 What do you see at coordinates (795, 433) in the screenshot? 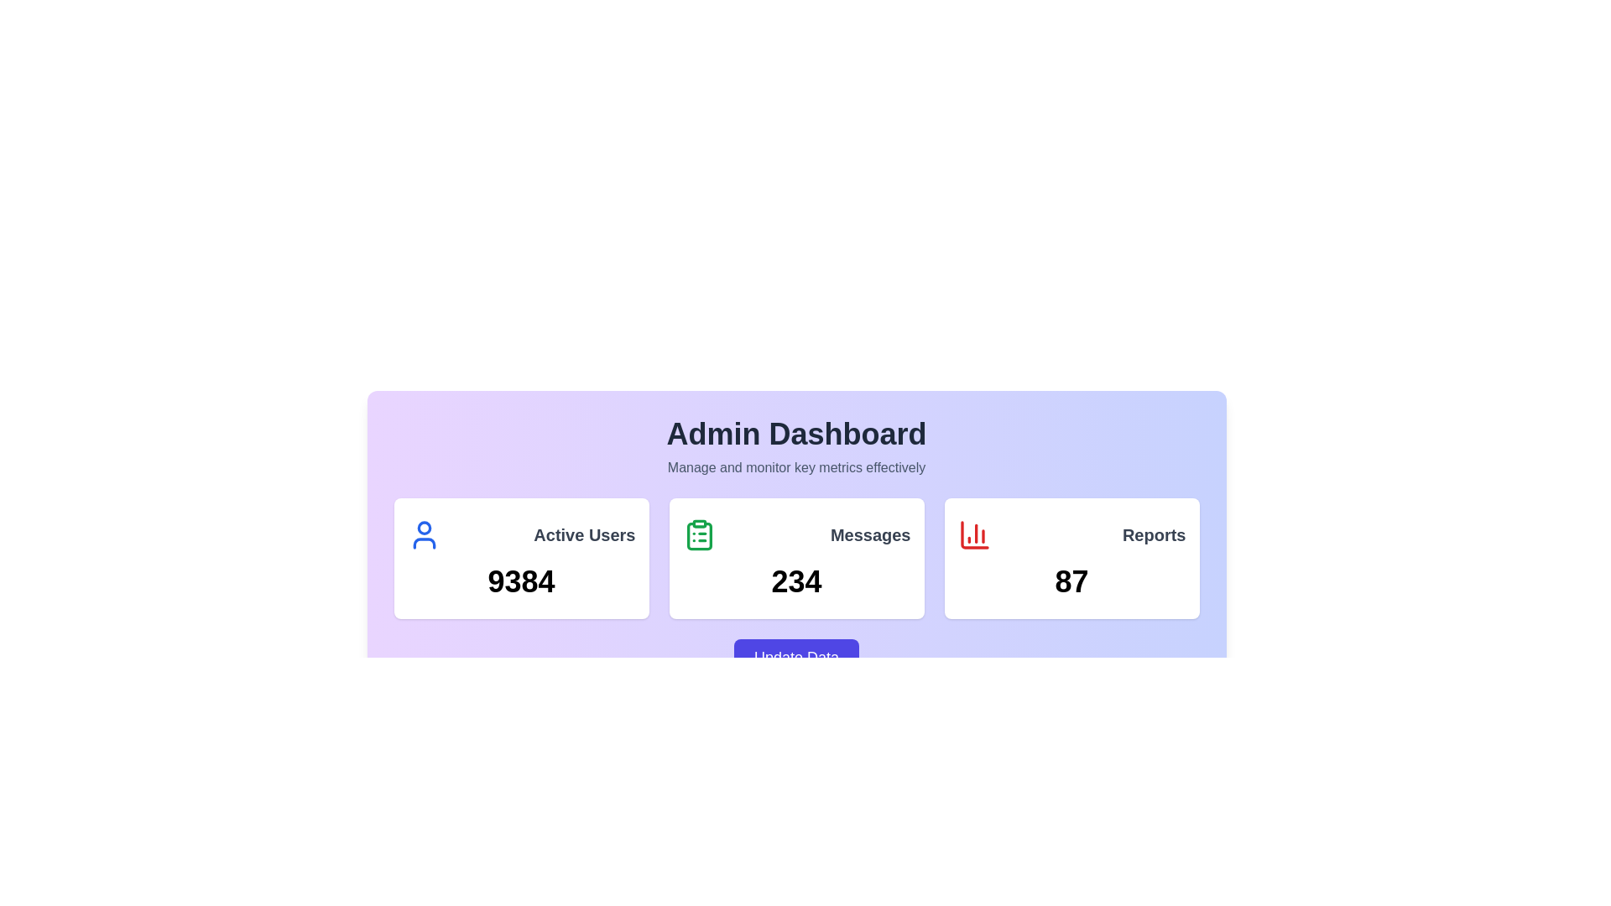
I see `the static text heading at the center-top of the dashboard card, which serves as the title for the content below` at bounding box center [795, 433].